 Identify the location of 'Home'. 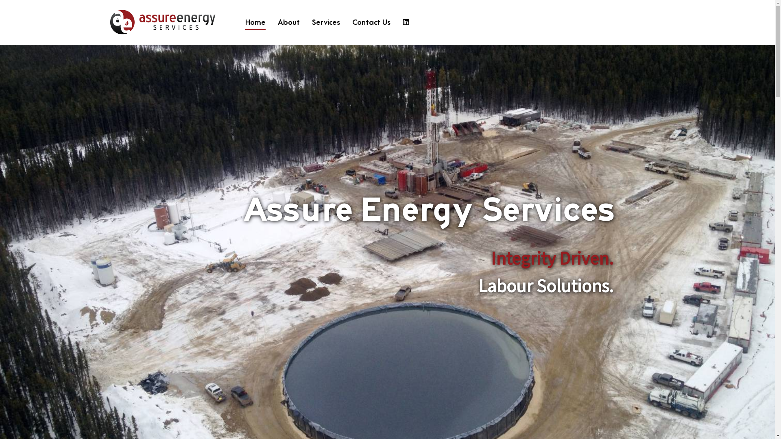
(255, 22).